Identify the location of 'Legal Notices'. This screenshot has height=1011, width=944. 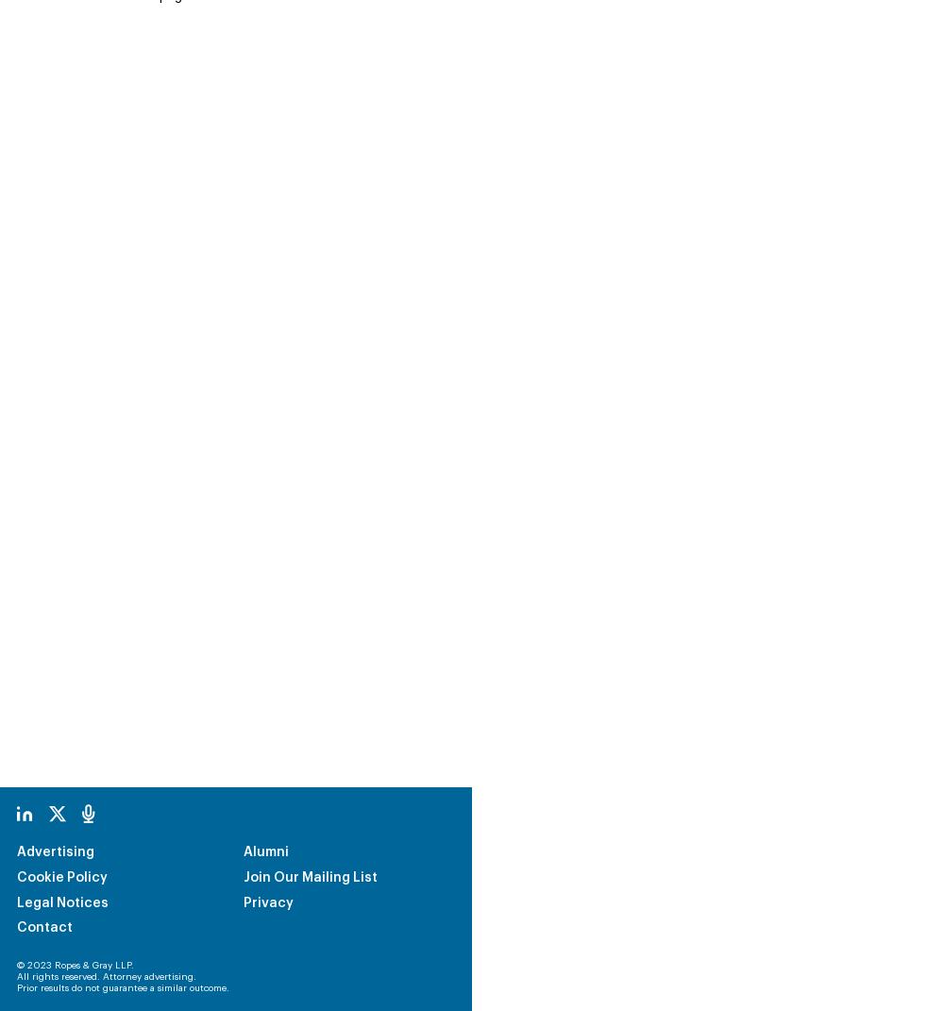
(61, 774).